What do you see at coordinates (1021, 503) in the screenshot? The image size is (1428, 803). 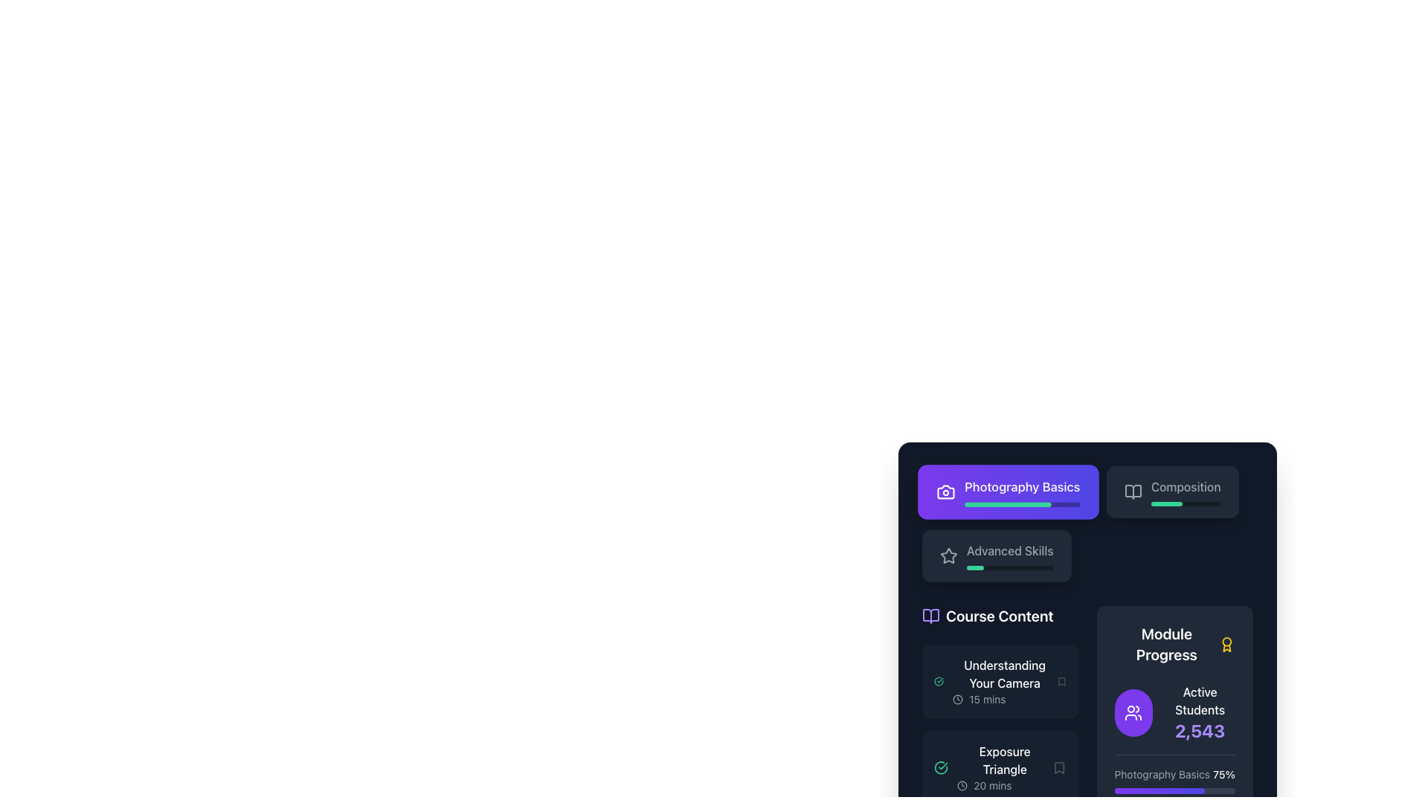 I see `the horizontal progress bar located beneath the 'Photography Basics' title` at bounding box center [1021, 503].